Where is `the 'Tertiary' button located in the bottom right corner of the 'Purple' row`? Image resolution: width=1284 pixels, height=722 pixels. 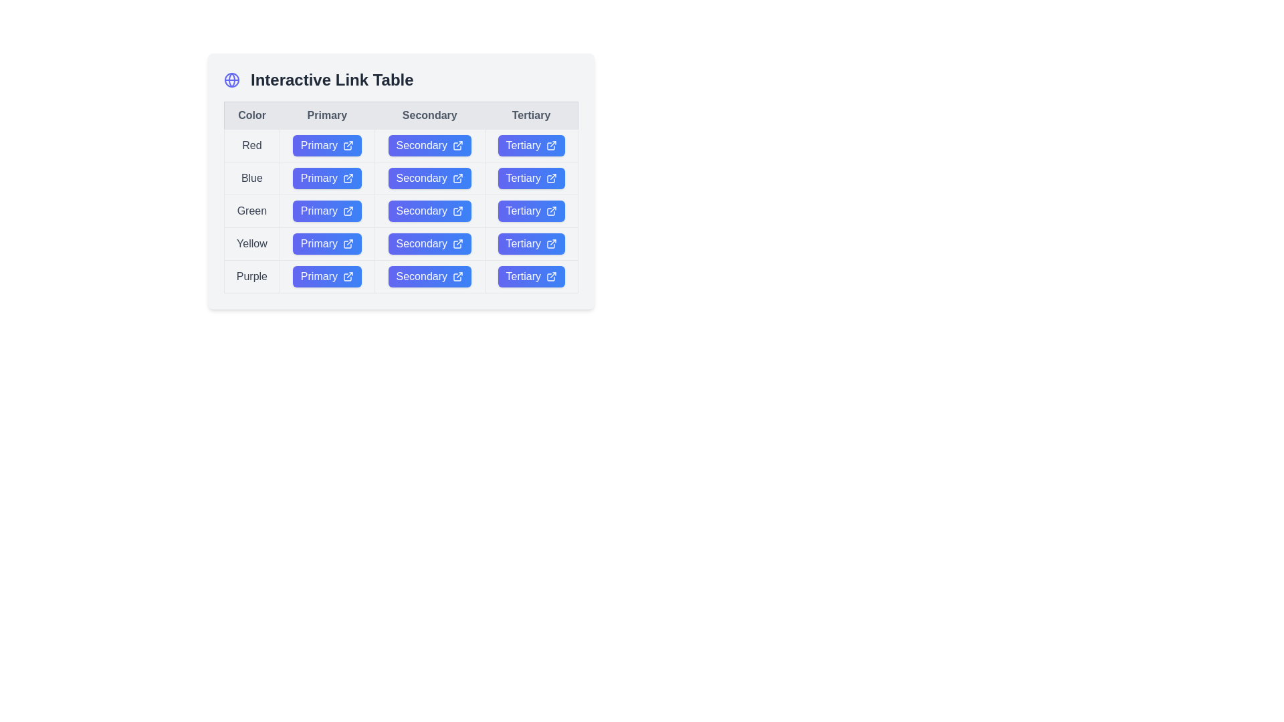 the 'Tertiary' button located in the bottom right corner of the 'Purple' row is located at coordinates (530, 275).